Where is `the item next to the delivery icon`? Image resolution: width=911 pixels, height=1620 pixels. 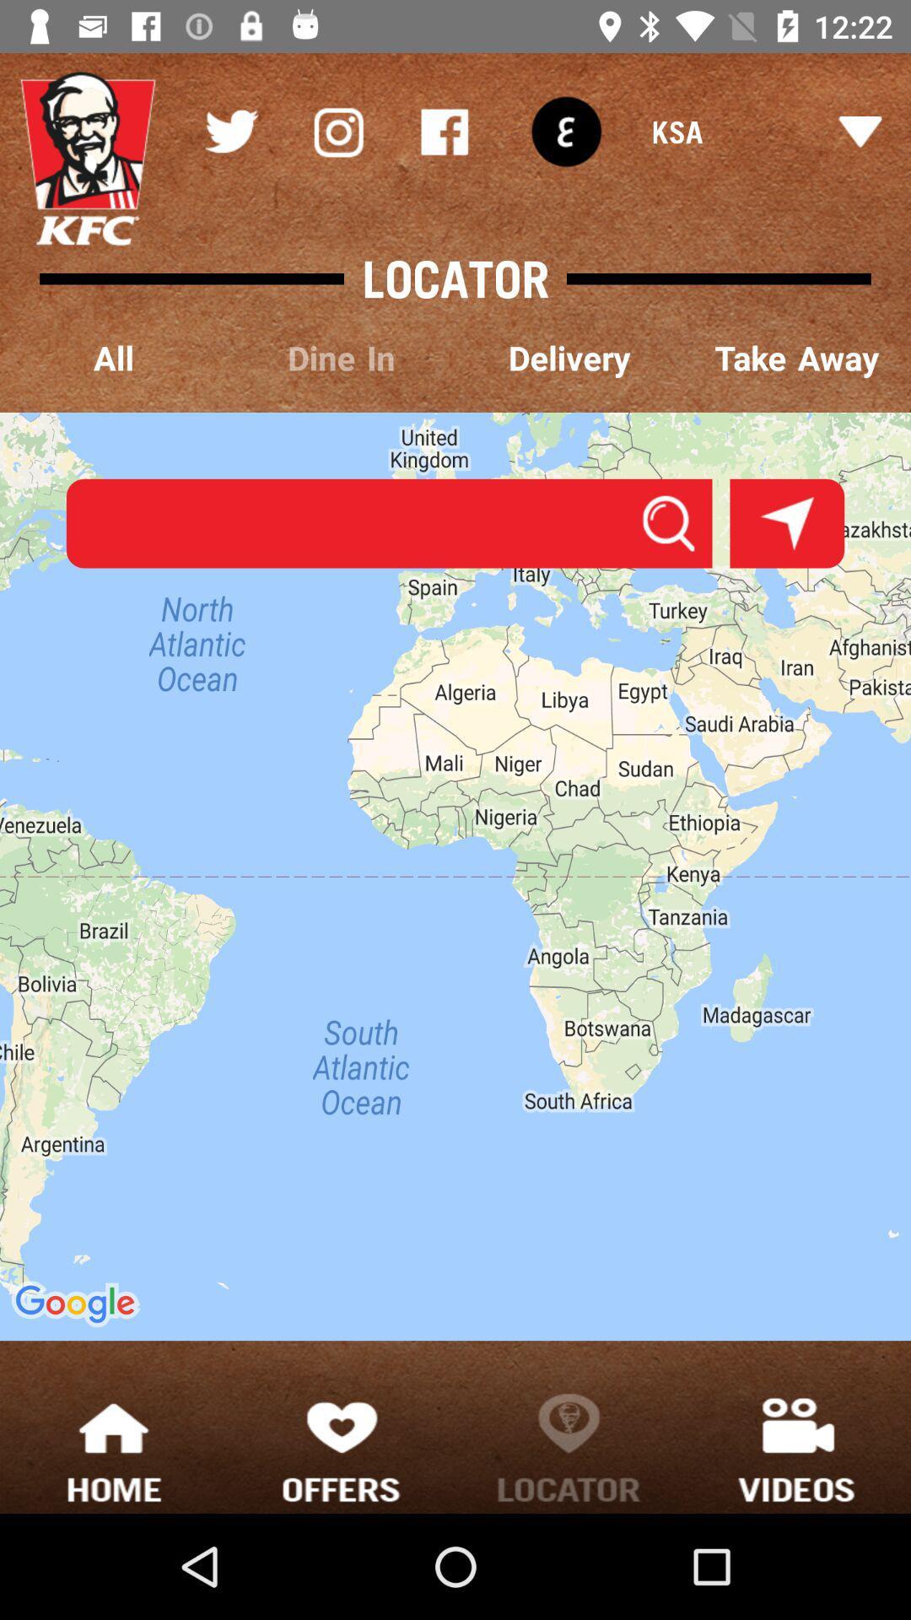
the item next to the delivery icon is located at coordinates (342, 359).